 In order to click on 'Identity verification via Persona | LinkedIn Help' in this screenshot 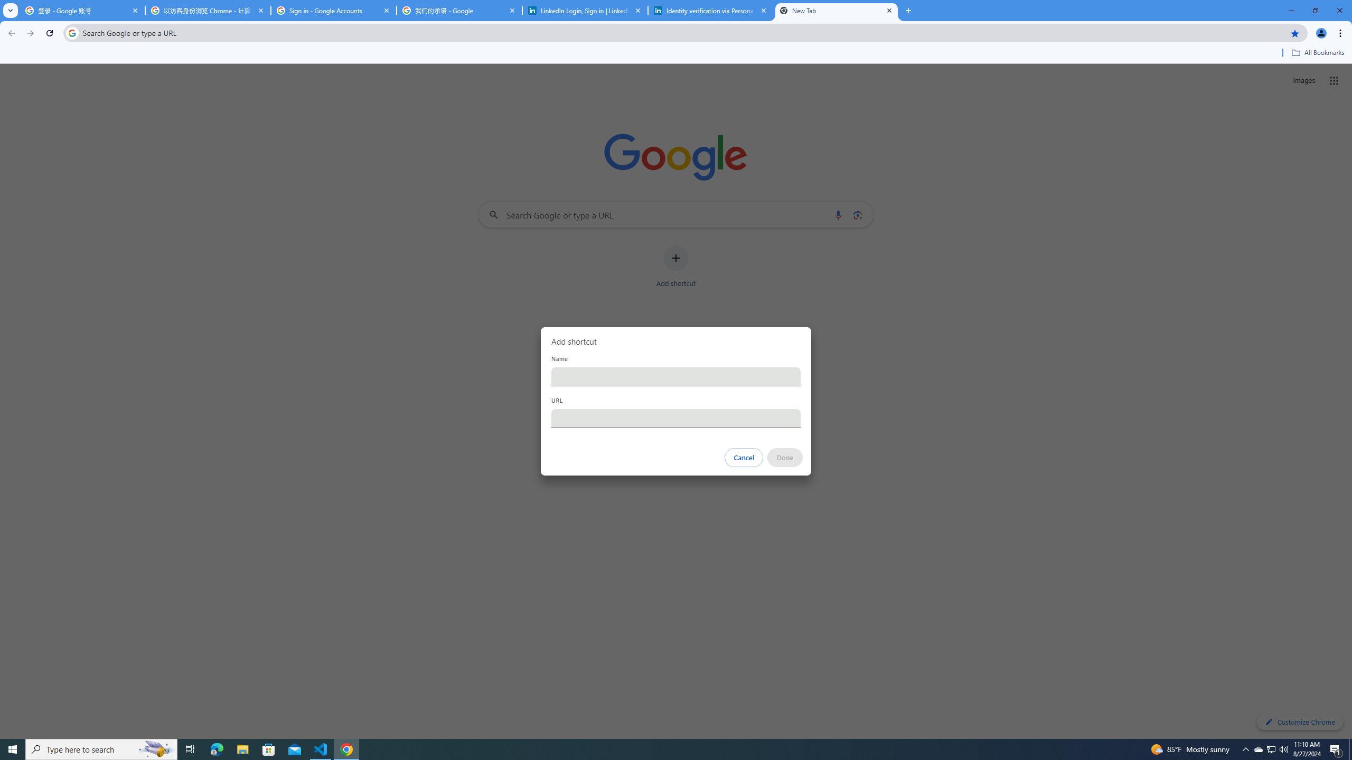, I will do `click(710, 10)`.